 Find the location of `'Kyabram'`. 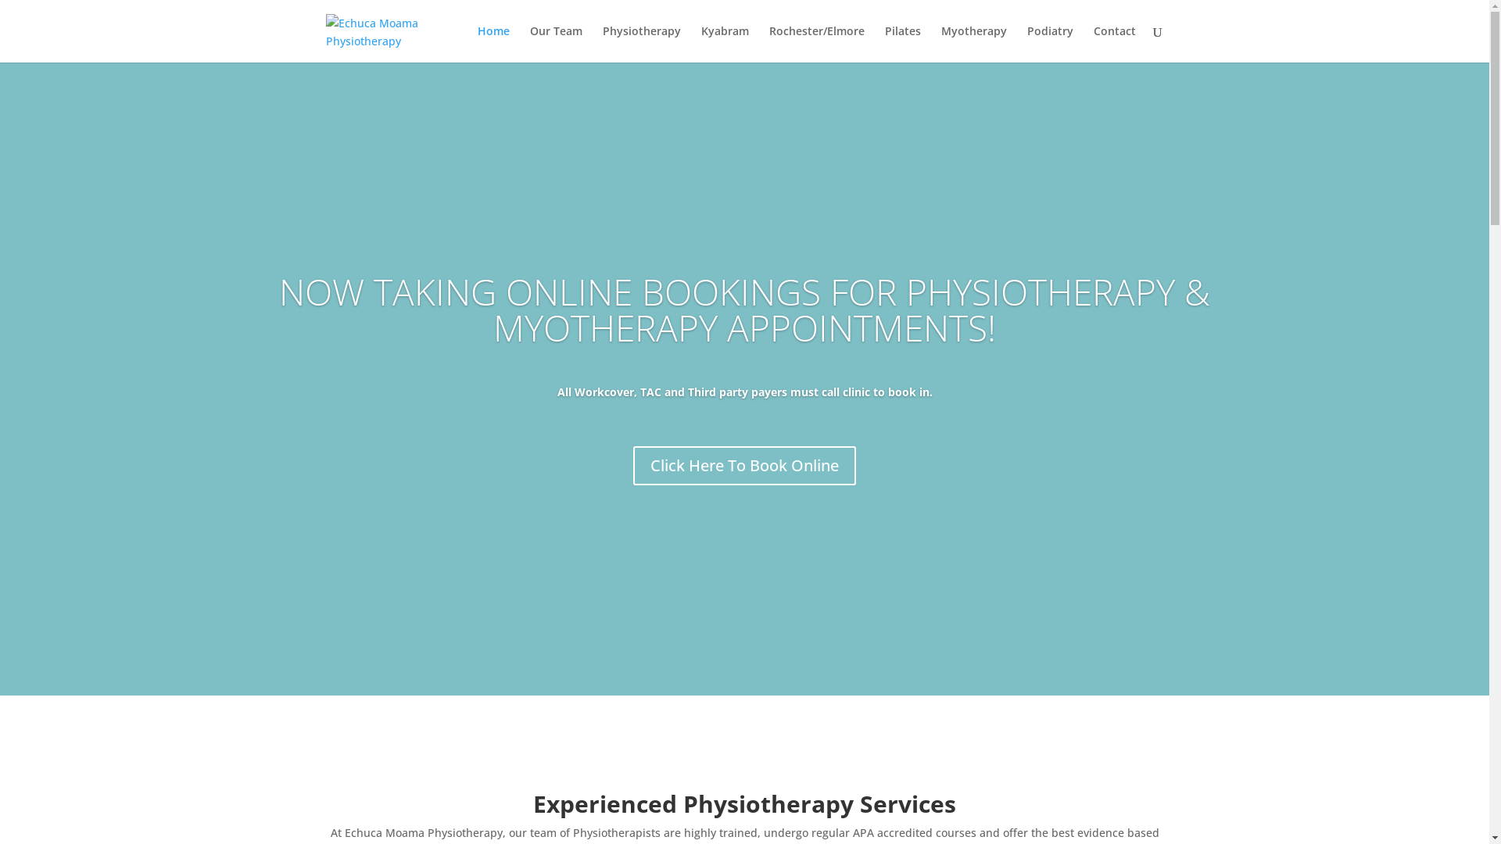

'Kyabram' is located at coordinates (700, 43).